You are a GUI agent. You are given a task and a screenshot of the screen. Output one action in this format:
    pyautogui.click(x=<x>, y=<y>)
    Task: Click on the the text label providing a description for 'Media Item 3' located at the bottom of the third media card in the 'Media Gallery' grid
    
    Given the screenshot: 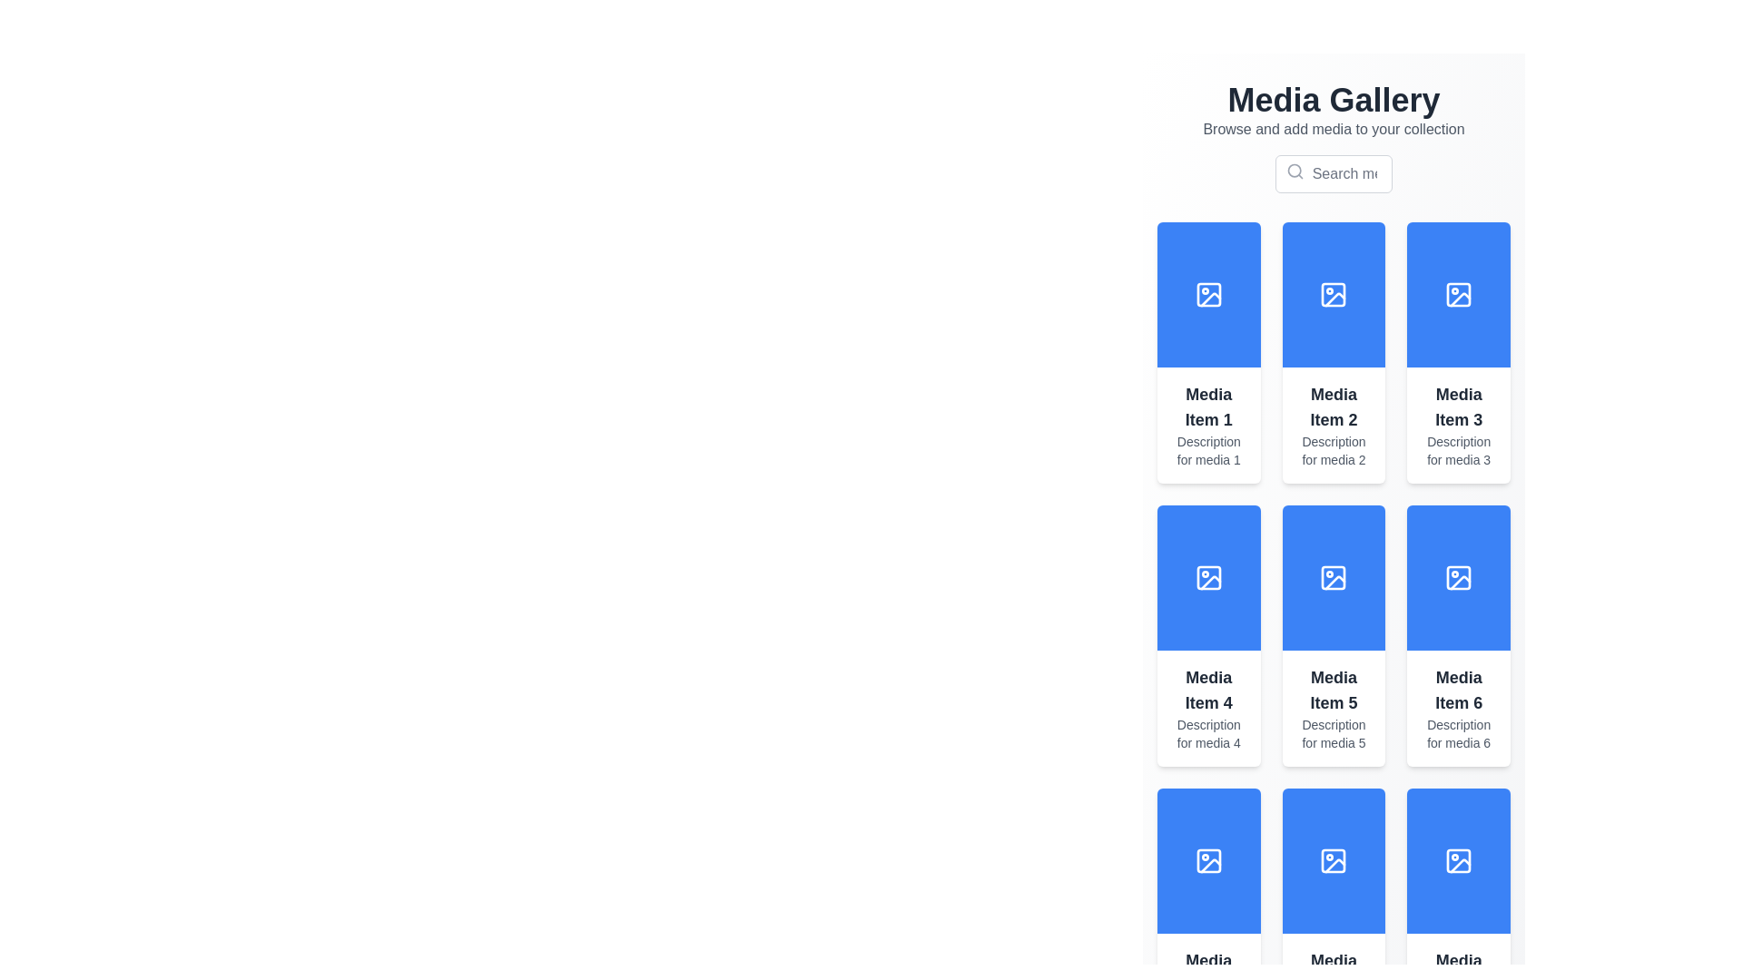 What is the action you would take?
    pyautogui.click(x=1459, y=450)
    